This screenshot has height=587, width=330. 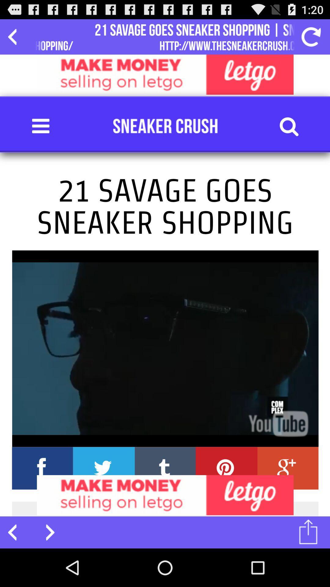 What do you see at coordinates (46, 532) in the screenshot?
I see `next article` at bounding box center [46, 532].